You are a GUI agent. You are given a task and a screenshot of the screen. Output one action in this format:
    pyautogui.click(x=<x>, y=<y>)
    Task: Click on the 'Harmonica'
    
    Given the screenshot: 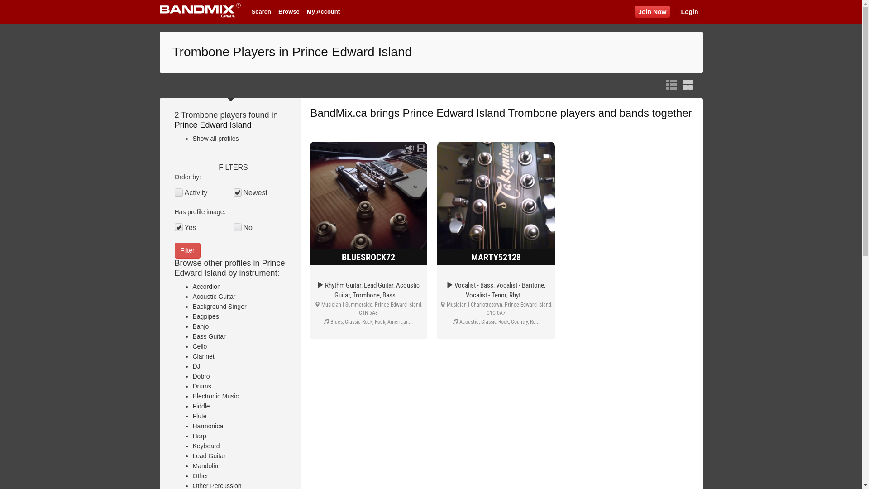 What is the action you would take?
    pyautogui.click(x=208, y=426)
    